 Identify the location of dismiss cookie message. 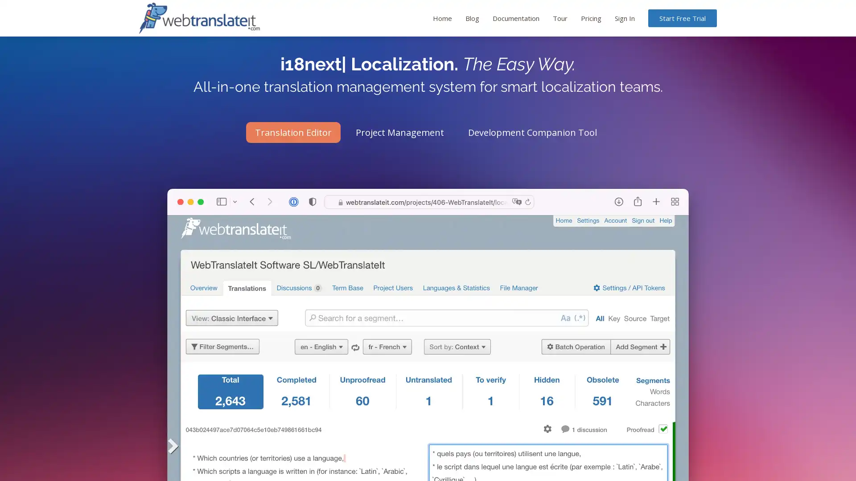
(811, 465).